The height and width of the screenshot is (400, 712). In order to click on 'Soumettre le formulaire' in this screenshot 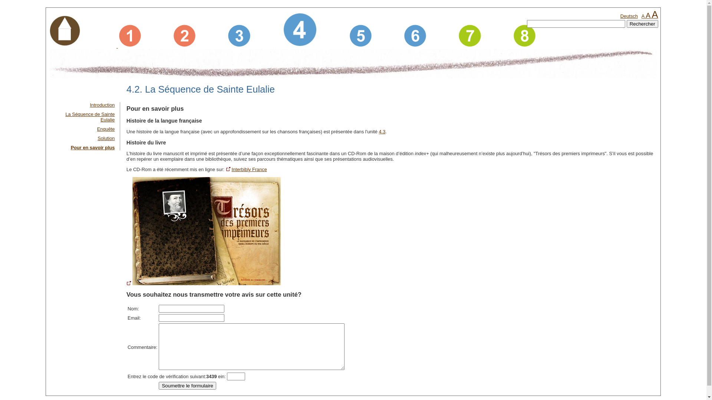, I will do `click(187, 385)`.